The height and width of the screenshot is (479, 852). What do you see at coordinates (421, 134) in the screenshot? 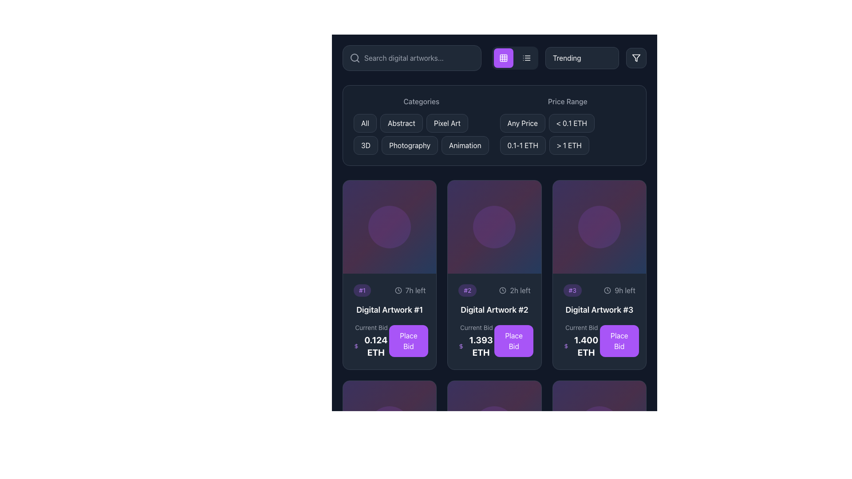
I see `the buttons in the 'Categories' section` at bounding box center [421, 134].